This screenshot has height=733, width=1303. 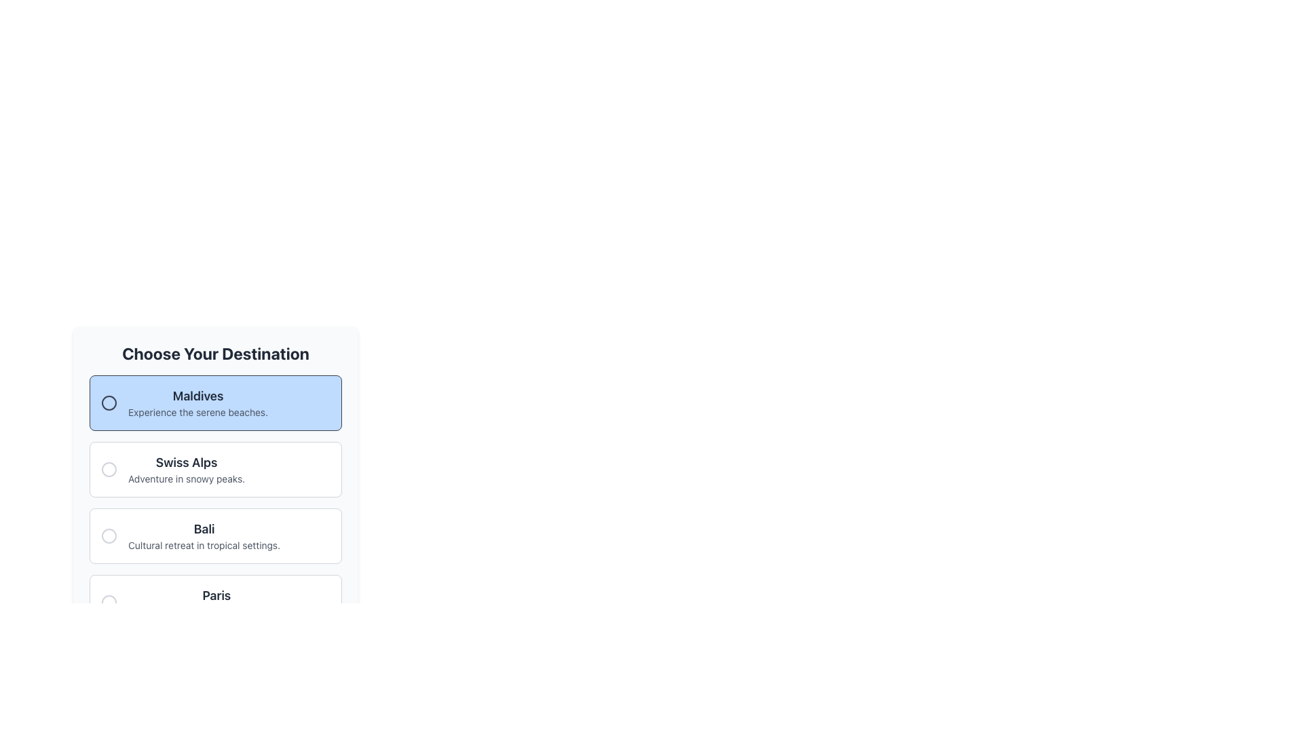 What do you see at coordinates (204, 535) in the screenshot?
I see `the 'Bali' option text with description, which is the third option under 'Choose Your Destination'` at bounding box center [204, 535].